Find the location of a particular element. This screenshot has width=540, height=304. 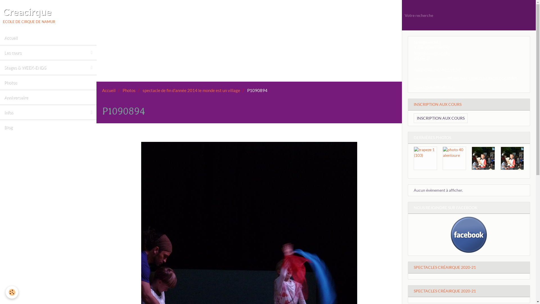

'Accueil' is located at coordinates (48, 38).